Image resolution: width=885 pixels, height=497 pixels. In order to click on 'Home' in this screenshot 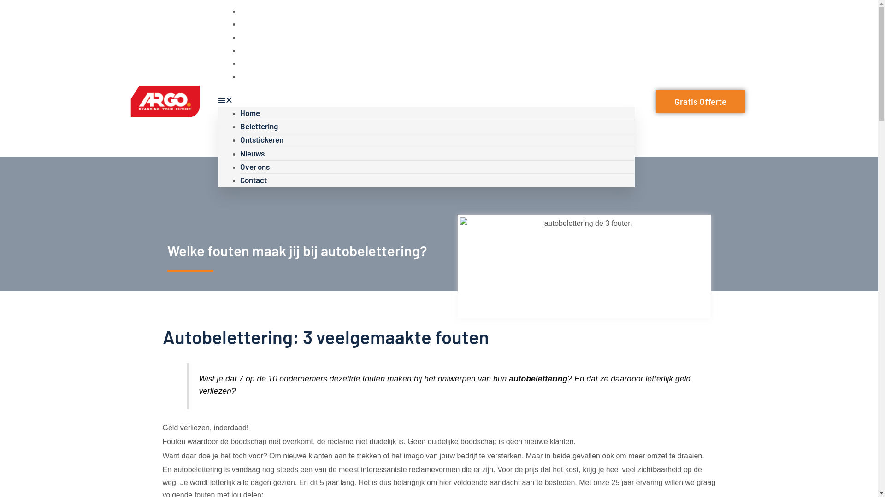, I will do `click(249, 11)`.